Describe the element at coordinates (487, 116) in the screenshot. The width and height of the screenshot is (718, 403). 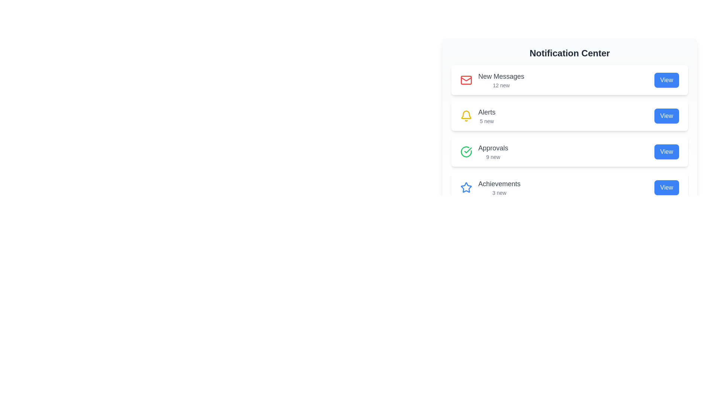
I see `the text label in the notification row` at that location.